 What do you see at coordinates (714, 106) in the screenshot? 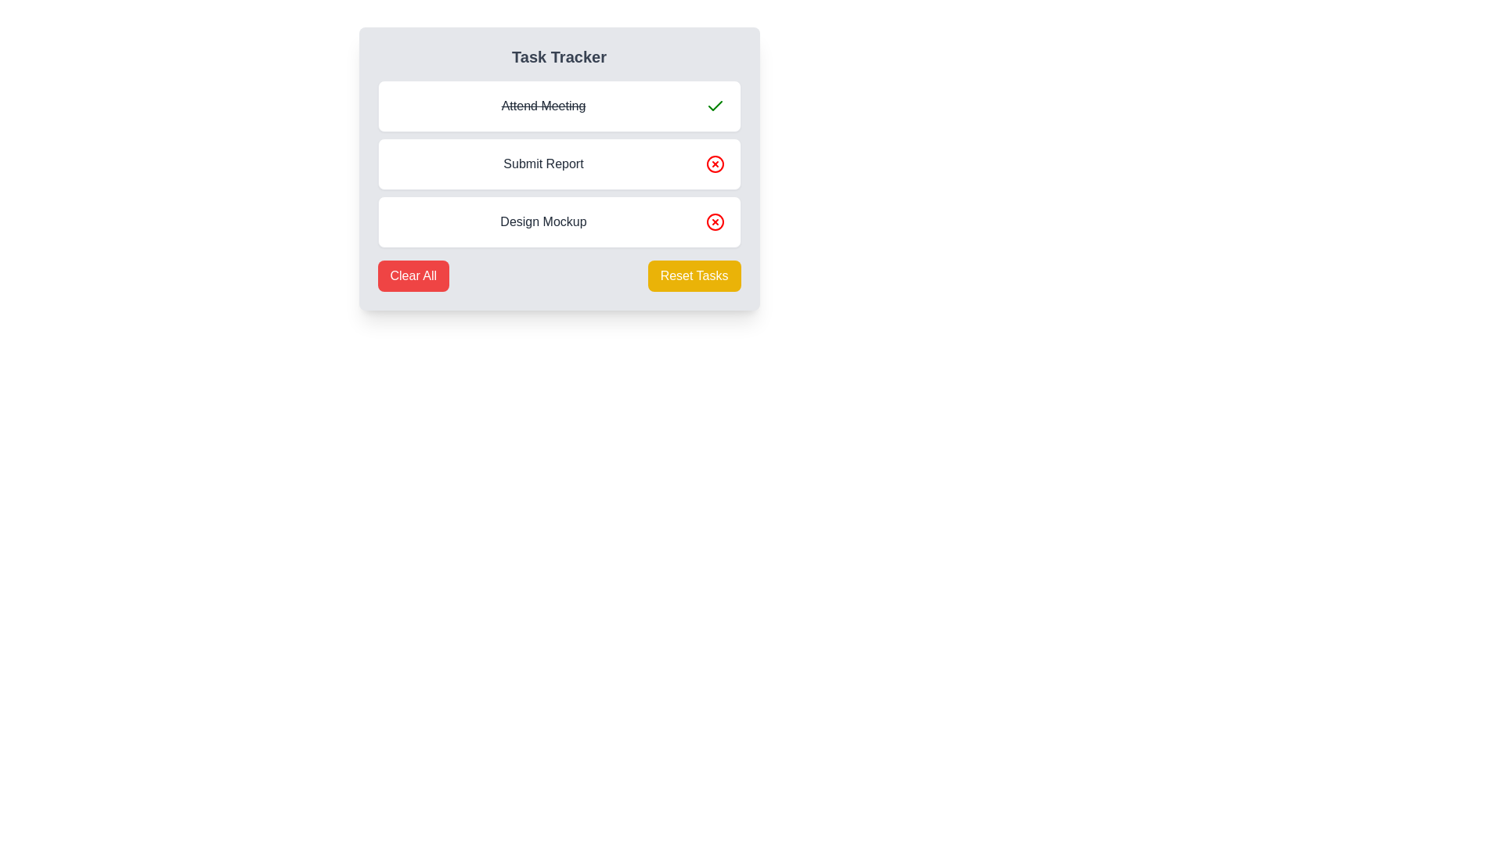
I see `the green checkmark icon, which is styled with a thin stroke and rounded edges, located at the rightmost side of the first row in the task list, next to the text 'Attend Meeting'` at bounding box center [714, 106].